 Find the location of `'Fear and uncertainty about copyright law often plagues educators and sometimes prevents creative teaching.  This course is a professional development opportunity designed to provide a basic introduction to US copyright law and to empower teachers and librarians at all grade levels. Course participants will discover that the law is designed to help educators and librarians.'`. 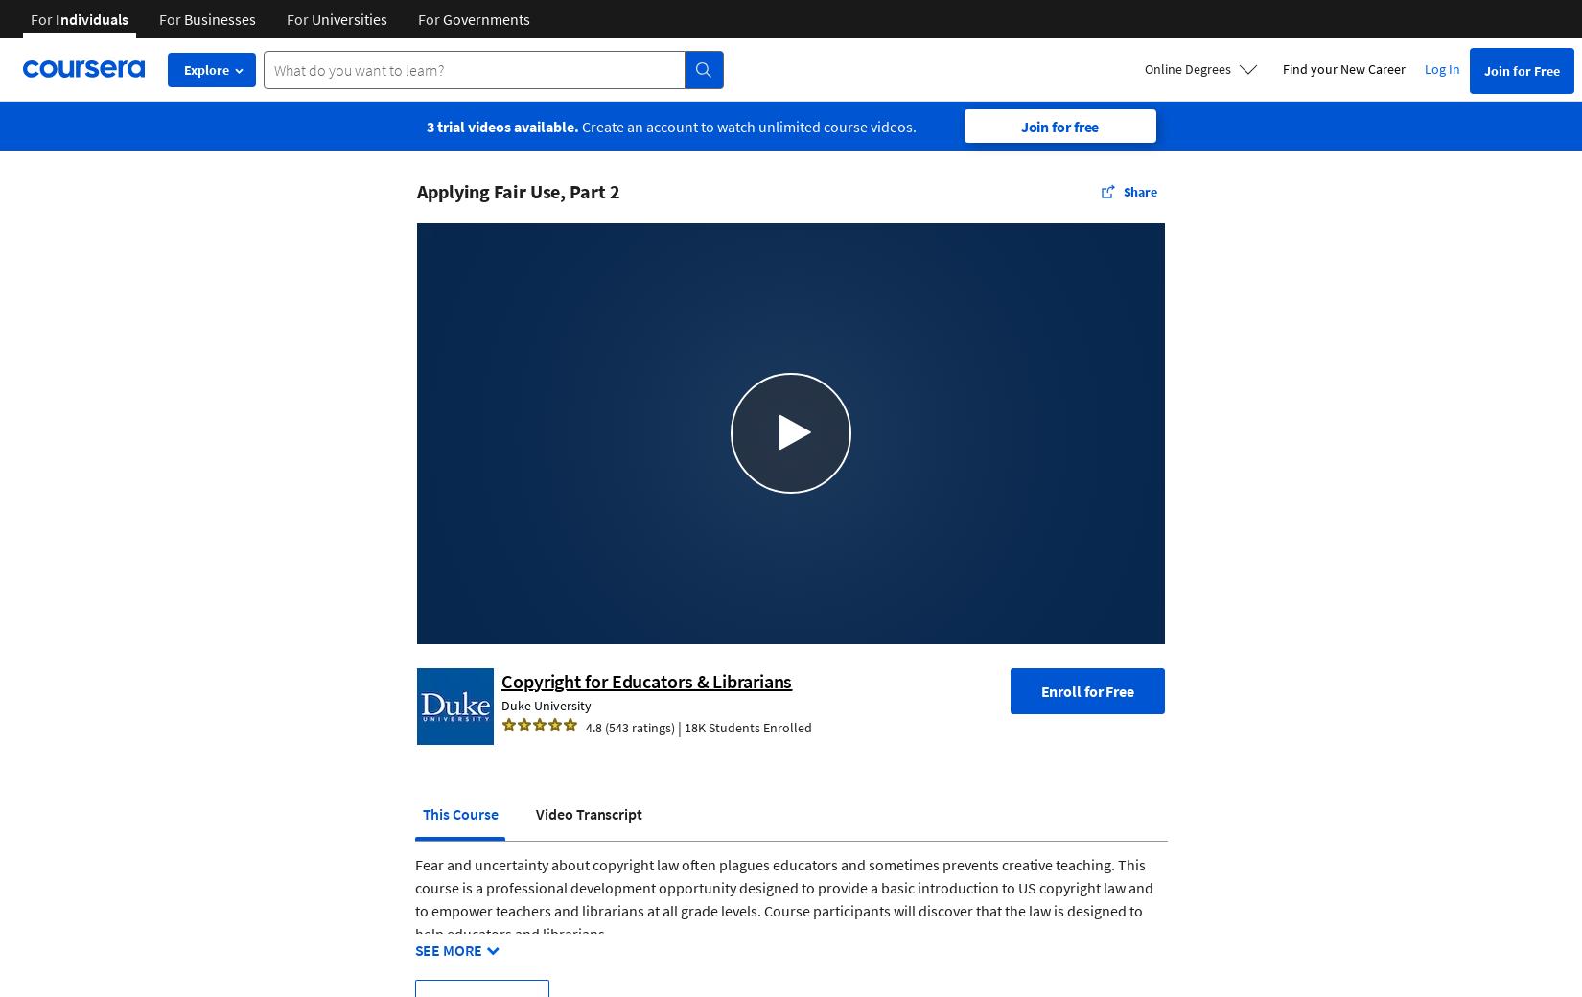

'Fear and uncertainty about copyright law often plagues educators and sometimes prevents creative teaching.  This course is a professional development opportunity designed to provide a basic introduction to US copyright law and to empower teachers and librarians at all grade levels. Course participants will discover that the law is designed to help educators and librarians.' is located at coordinates (782, 898).